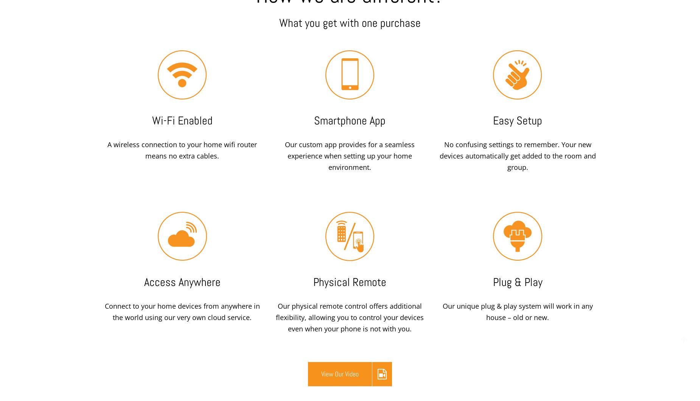  What do you see at coordinates (350, 155) in the screenshot?
I see `'Our custom app provides for a seamless experience when setting up your home environment.'` at bounding box center [350, 155].